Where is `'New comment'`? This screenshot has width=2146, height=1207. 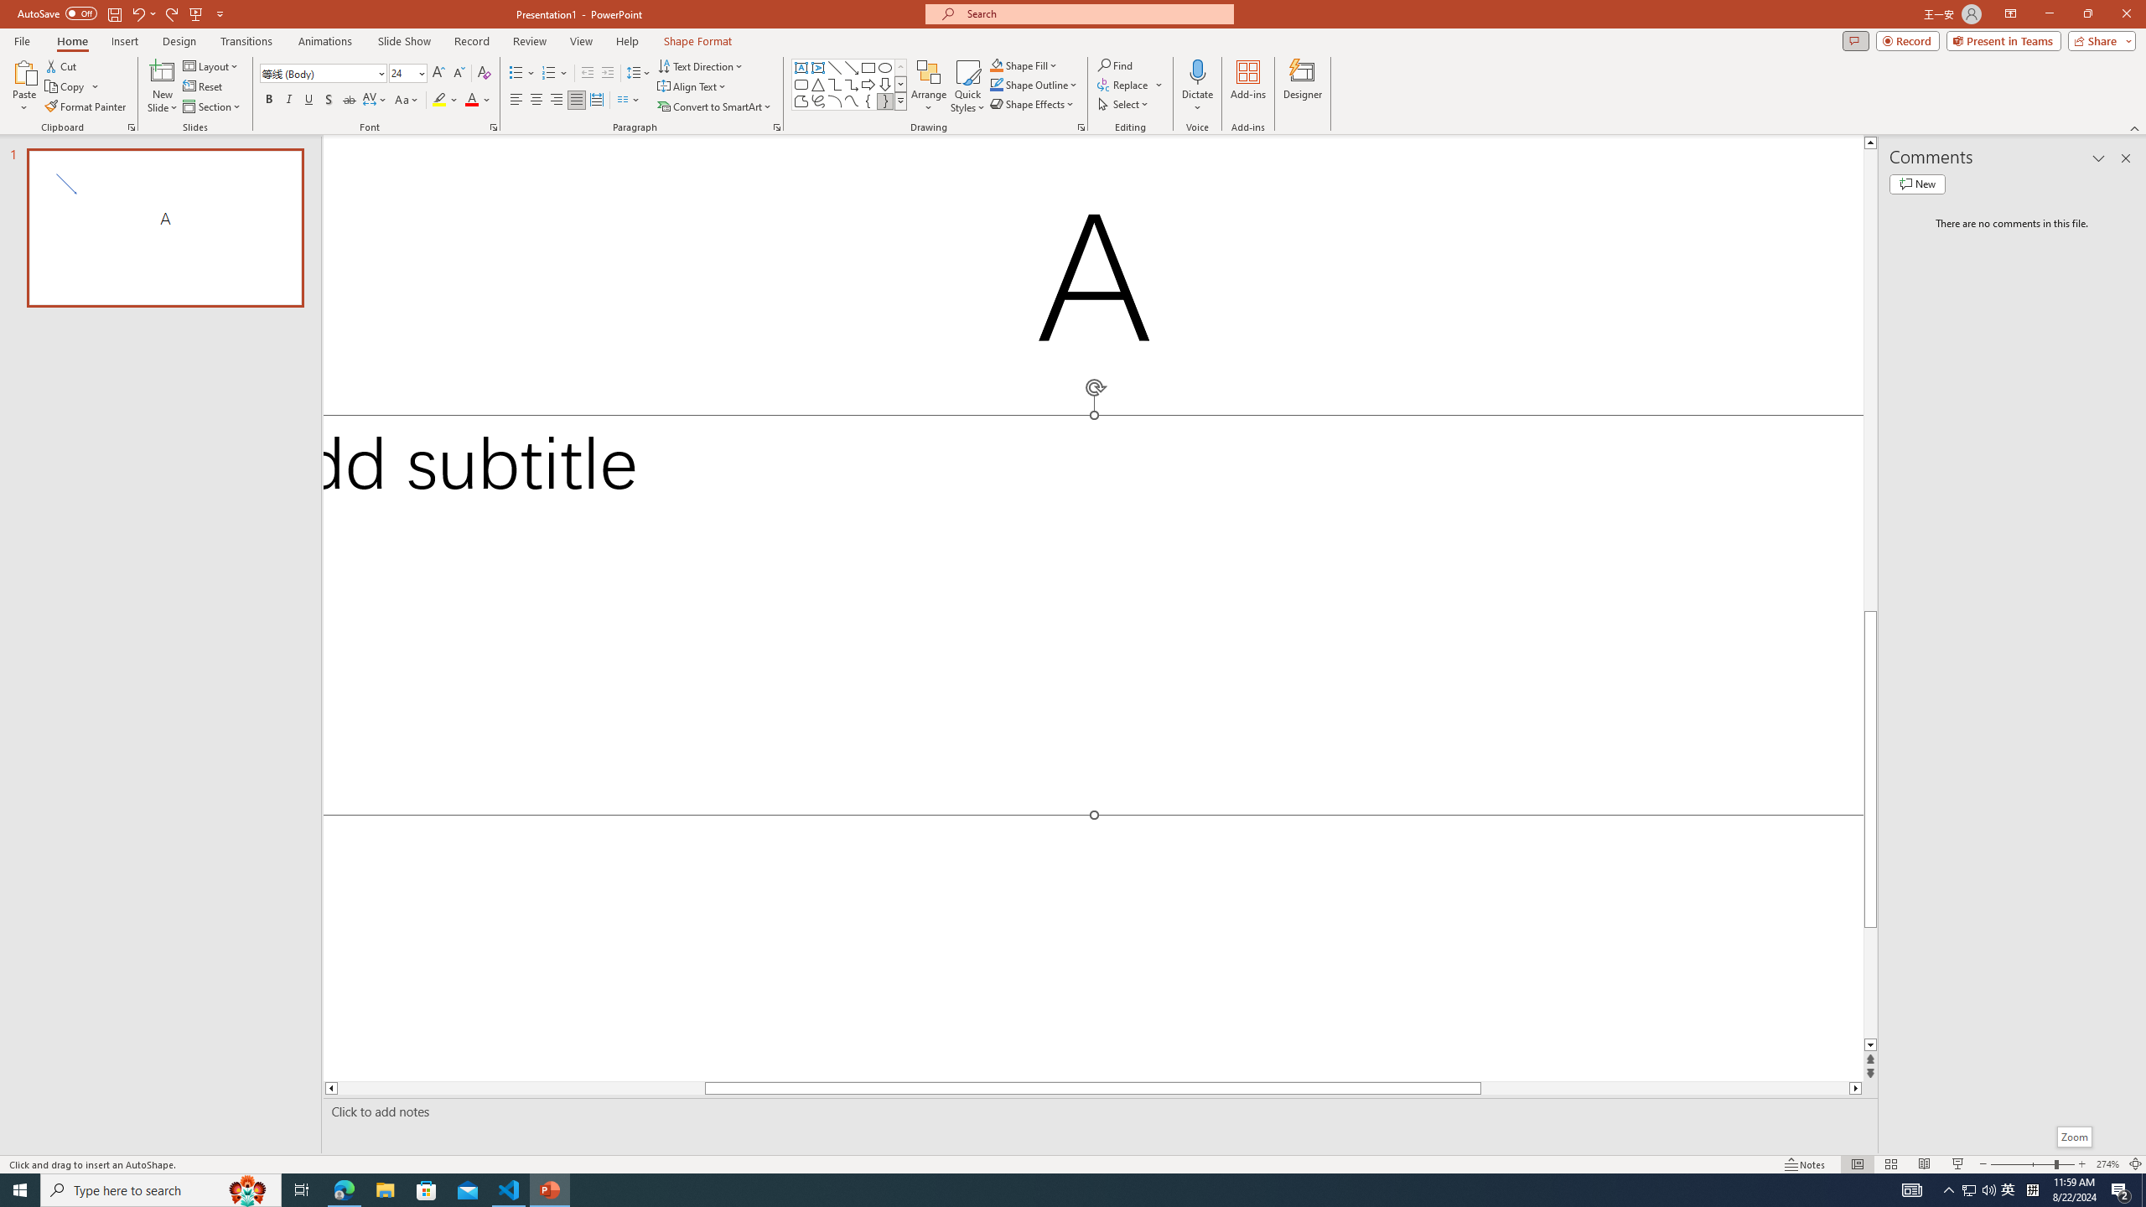 'New comment' is located at coordinates (1916, 183).